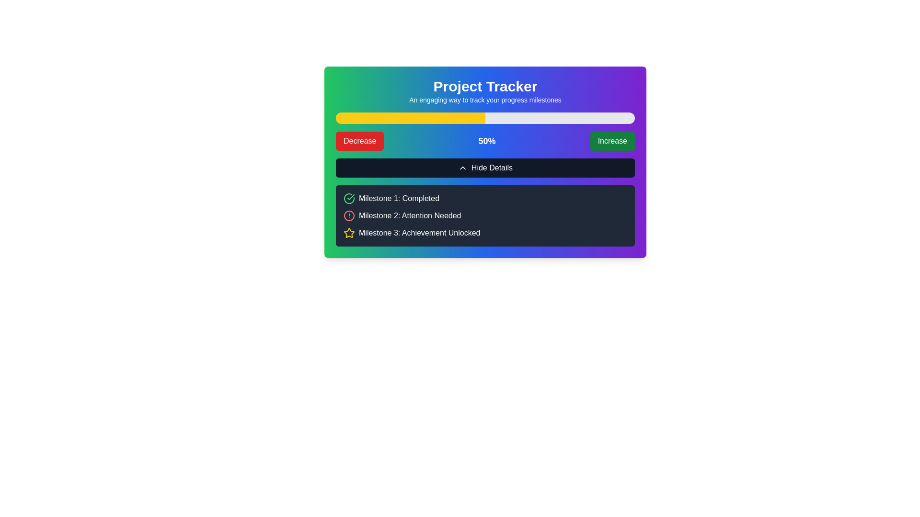 This screenshot has width=920, height=517. Describe the element at coordinates (349, 198) in the screenshot. I see `the circular checkmark icon representing 'Milestone 1: Completed', which is styled with a green stroke and positioned on the left side of the milestone text` at that location.